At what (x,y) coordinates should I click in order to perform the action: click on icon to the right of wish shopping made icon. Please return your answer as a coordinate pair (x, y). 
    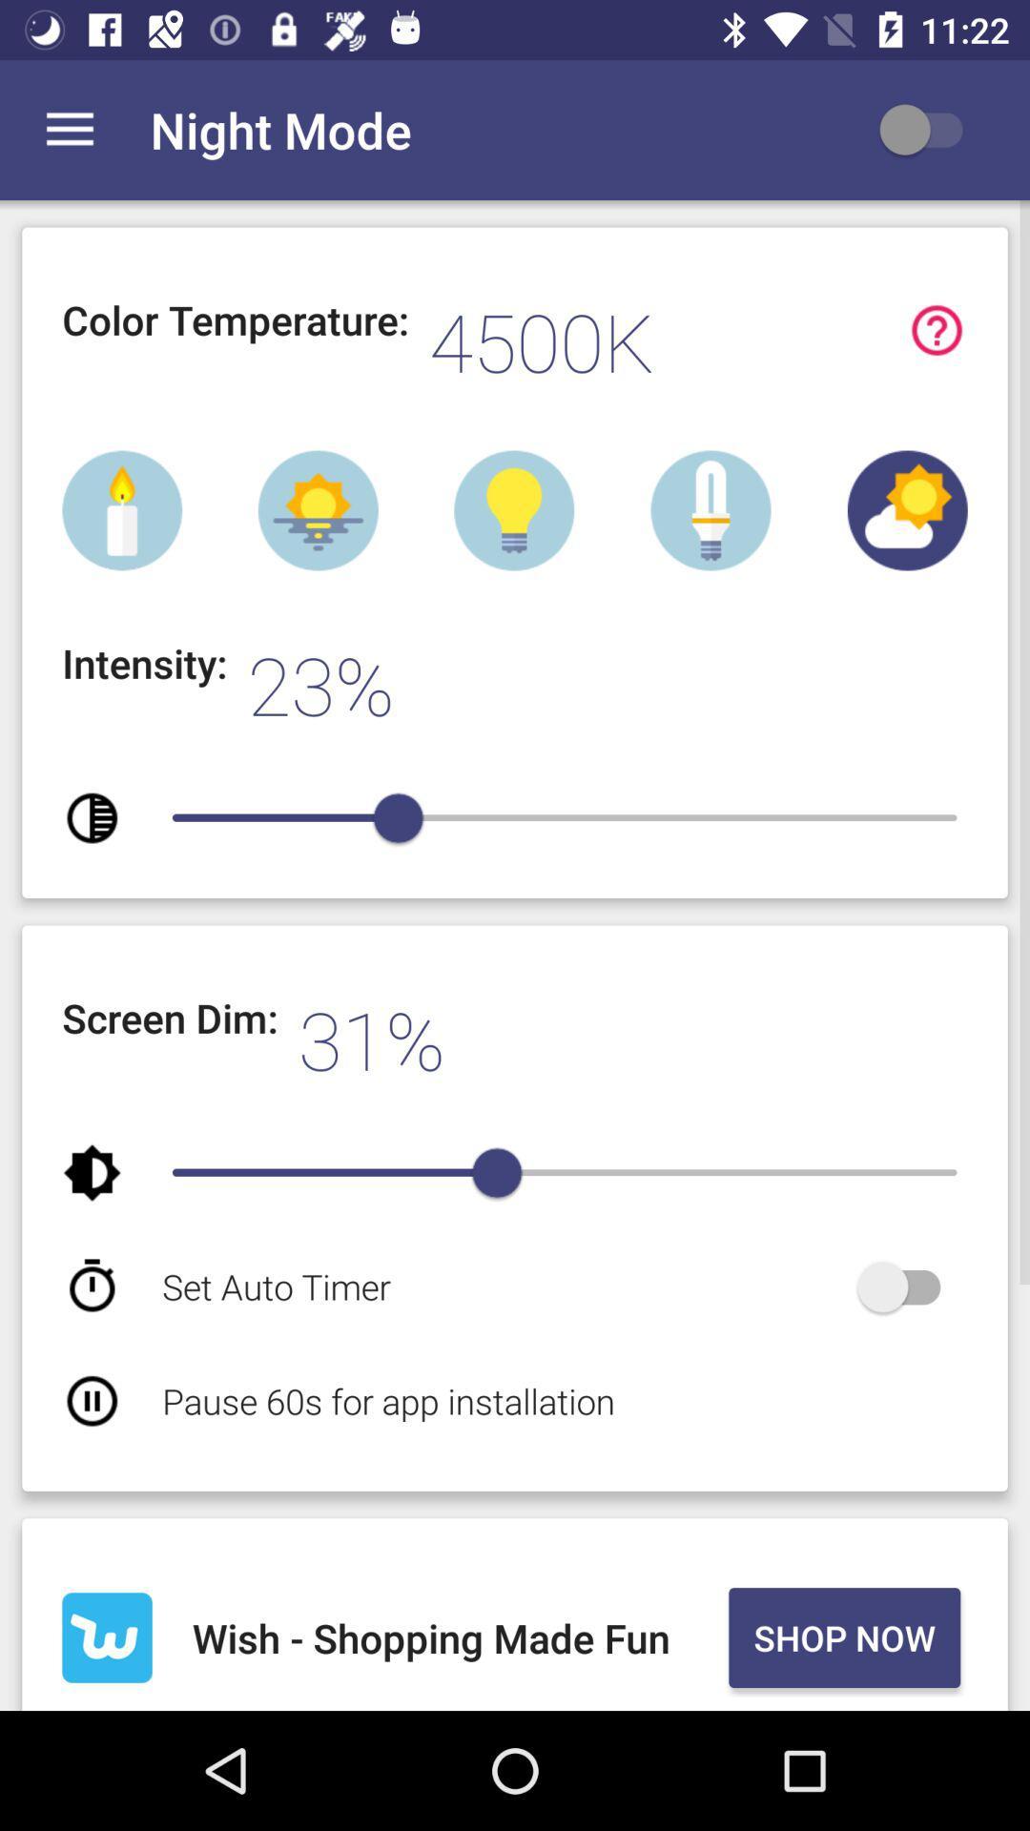
    Looking at the image, I should click on (843, 1636).